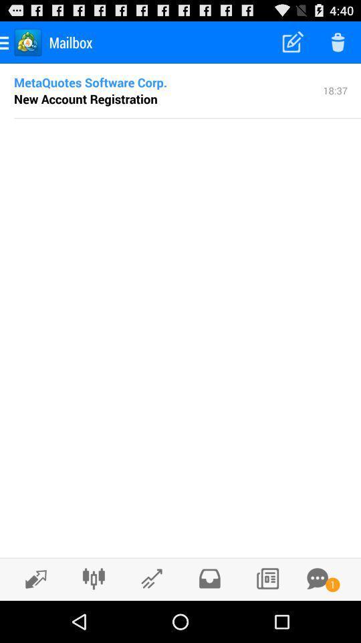  What do you see at coordinates (90, 81) in the screenshot?
I see `the icon to the left of the 18:37 item` at bounding box center [90, 81].